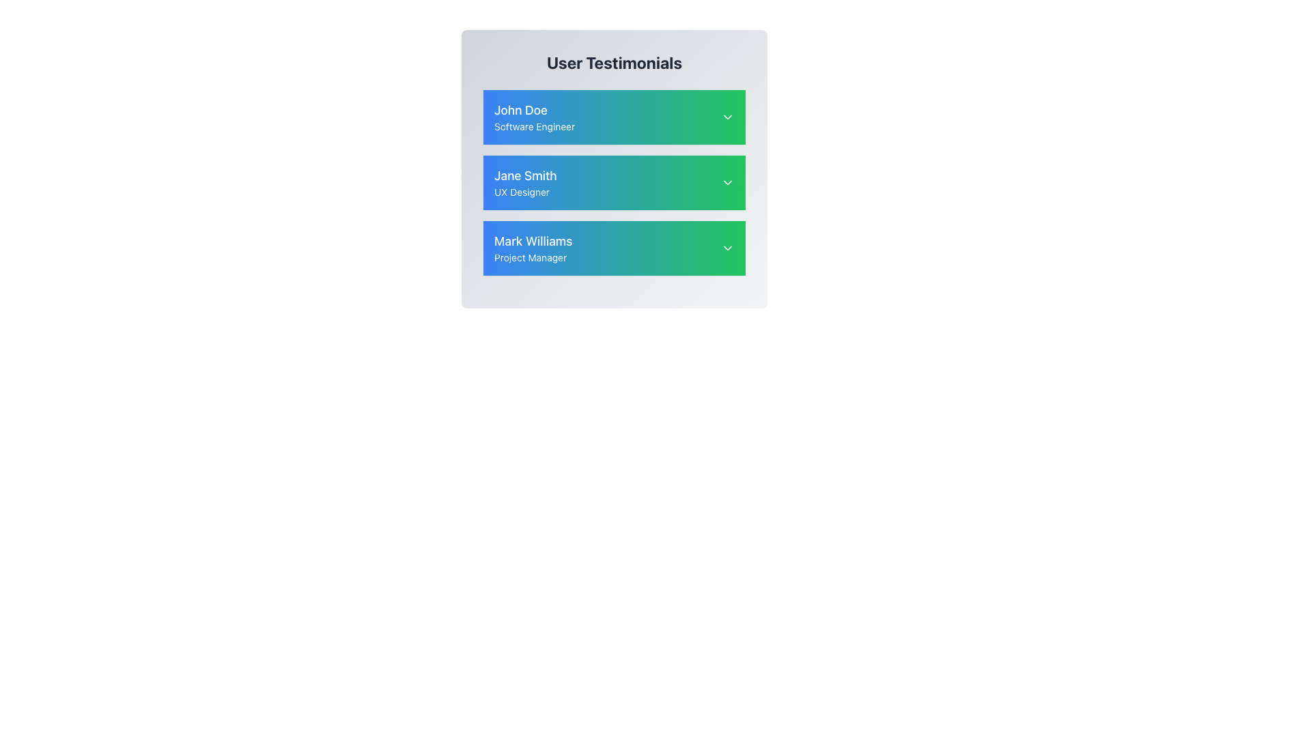 Image resolution: width=1311 pixels, height=737 pixels. Describe the element at coordinates (534, 126) in the screenshot. I see `the Text label indicating the profession or position of 'John Doe', located below his name in the first testimonial entry` at that location.